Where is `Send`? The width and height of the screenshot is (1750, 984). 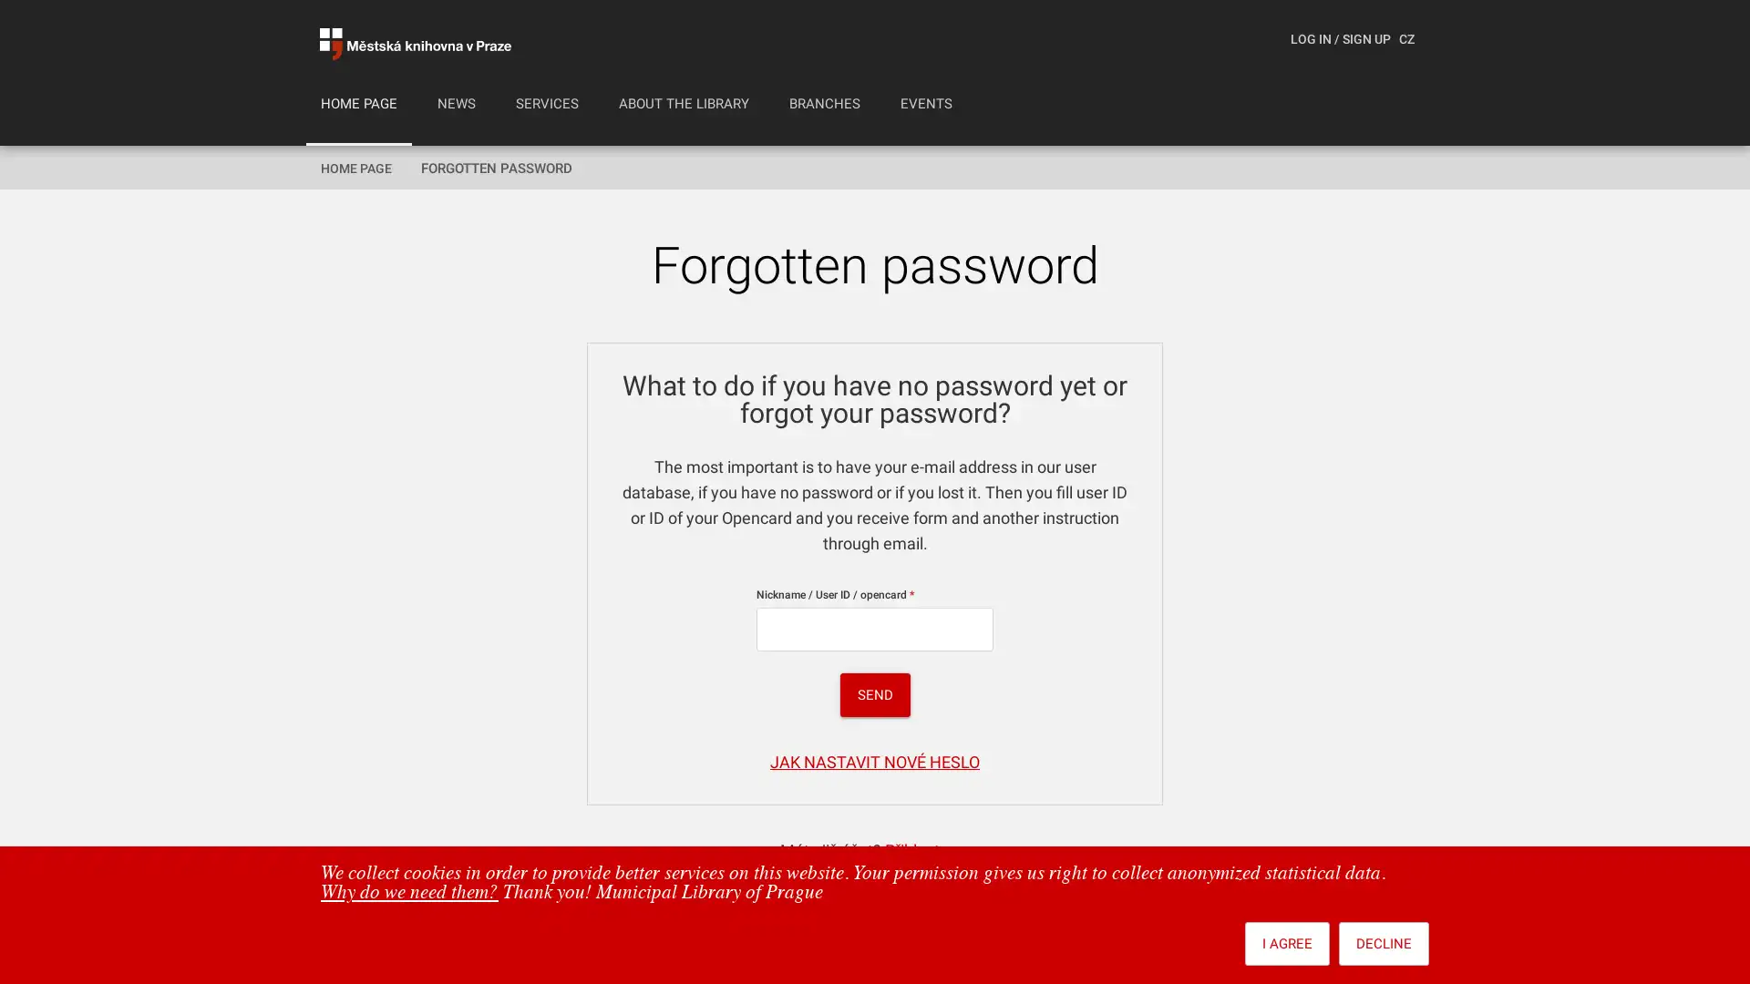
Send is located at coordinates (873, 695).